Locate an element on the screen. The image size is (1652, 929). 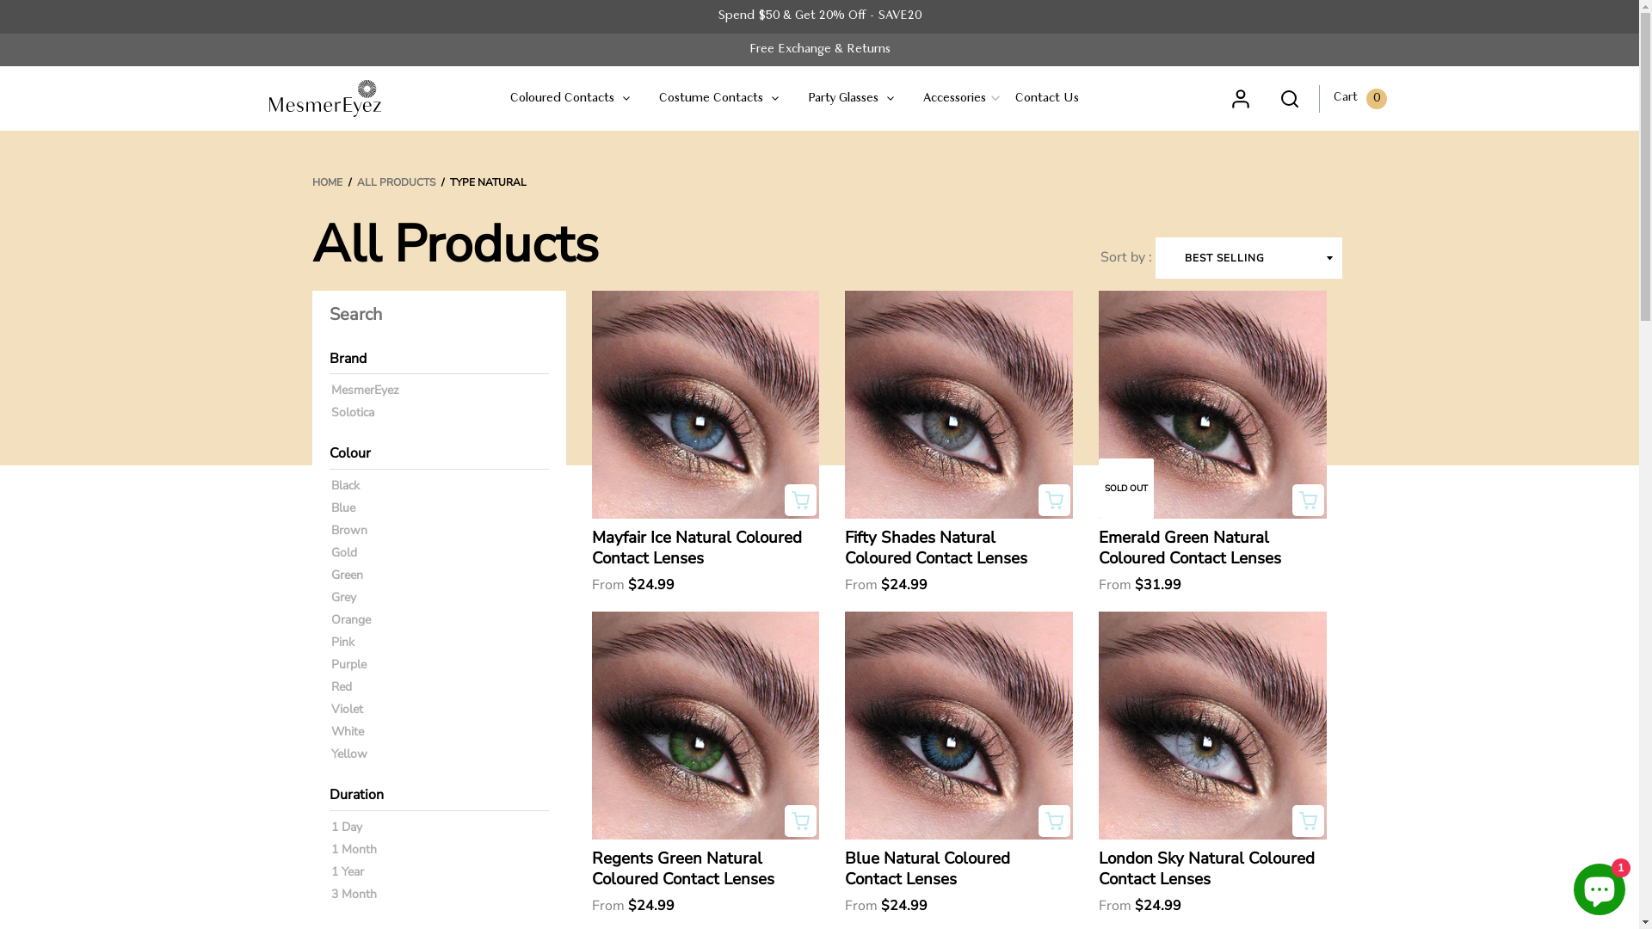
'Green' is located at coordinates (345, 575).